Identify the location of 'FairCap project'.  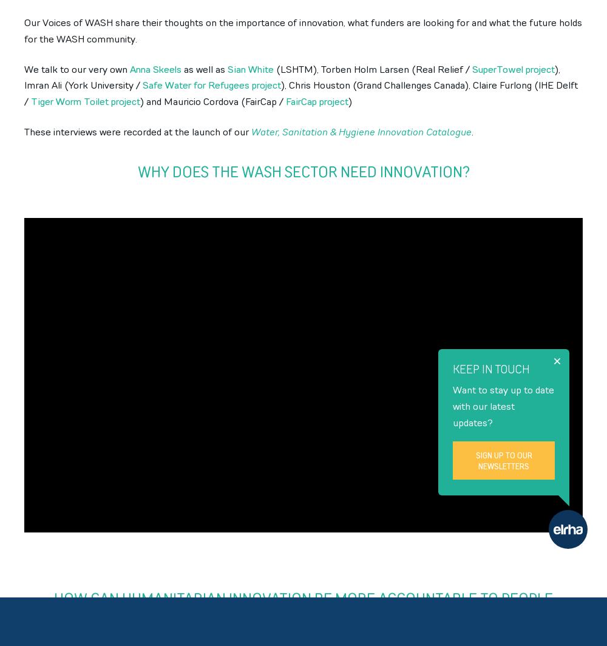
(317, 102).